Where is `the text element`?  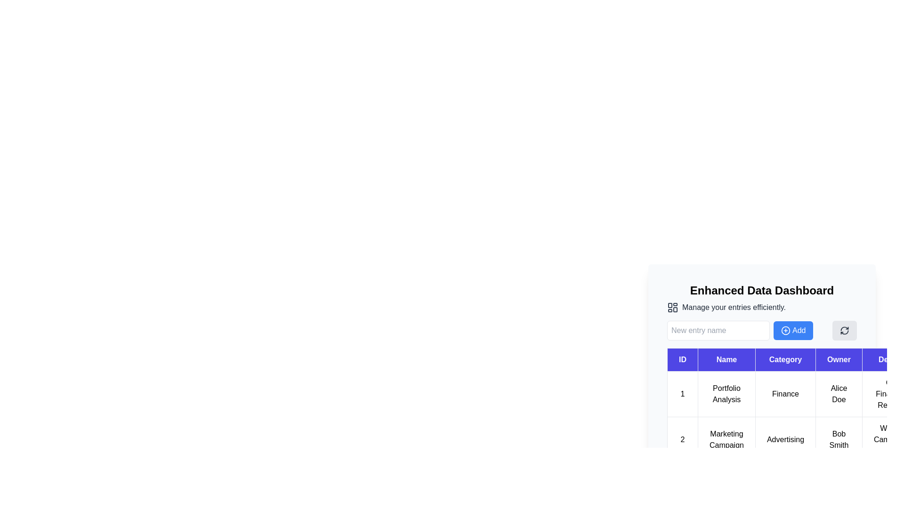
the text element is located at coordinates (839, 439).